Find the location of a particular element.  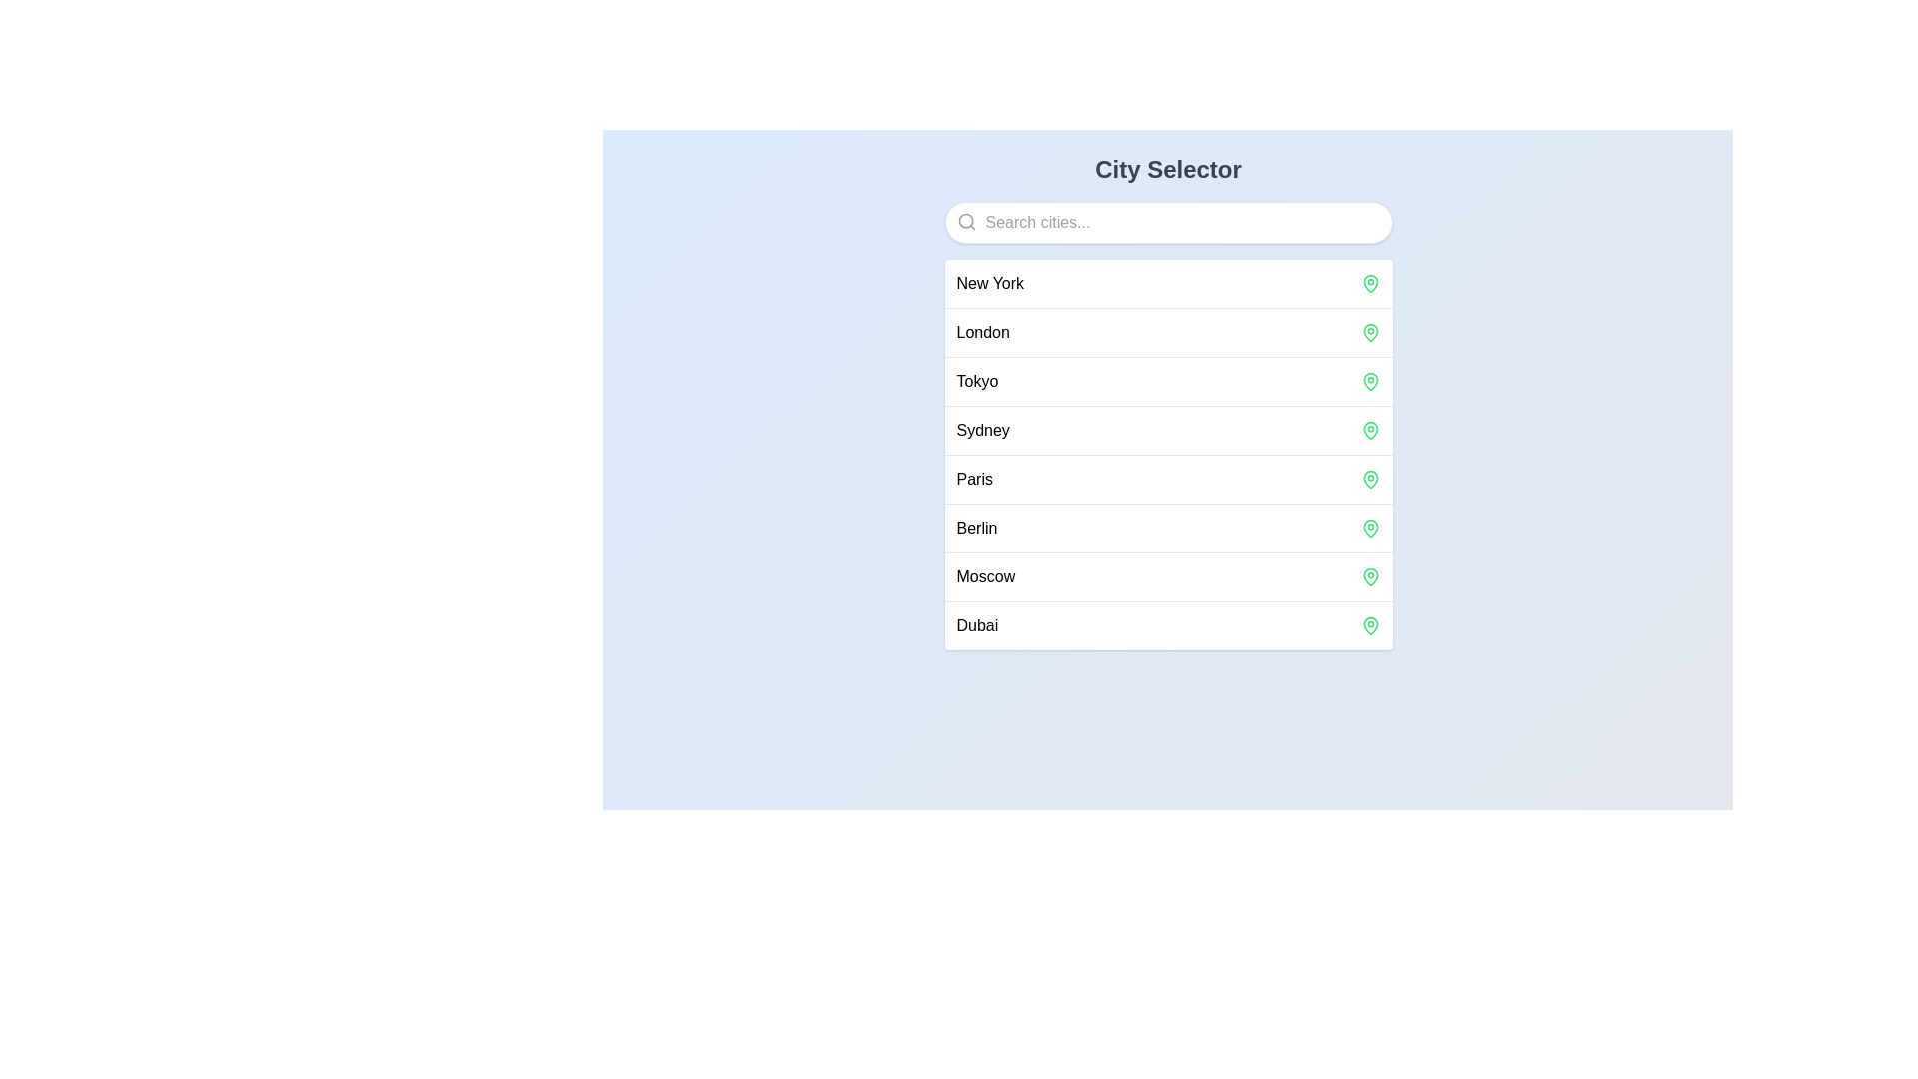

the text label displaying 'Tokyo' in bold font, which is the third item in a vertical list of city names is located at coordinates (977, 381).